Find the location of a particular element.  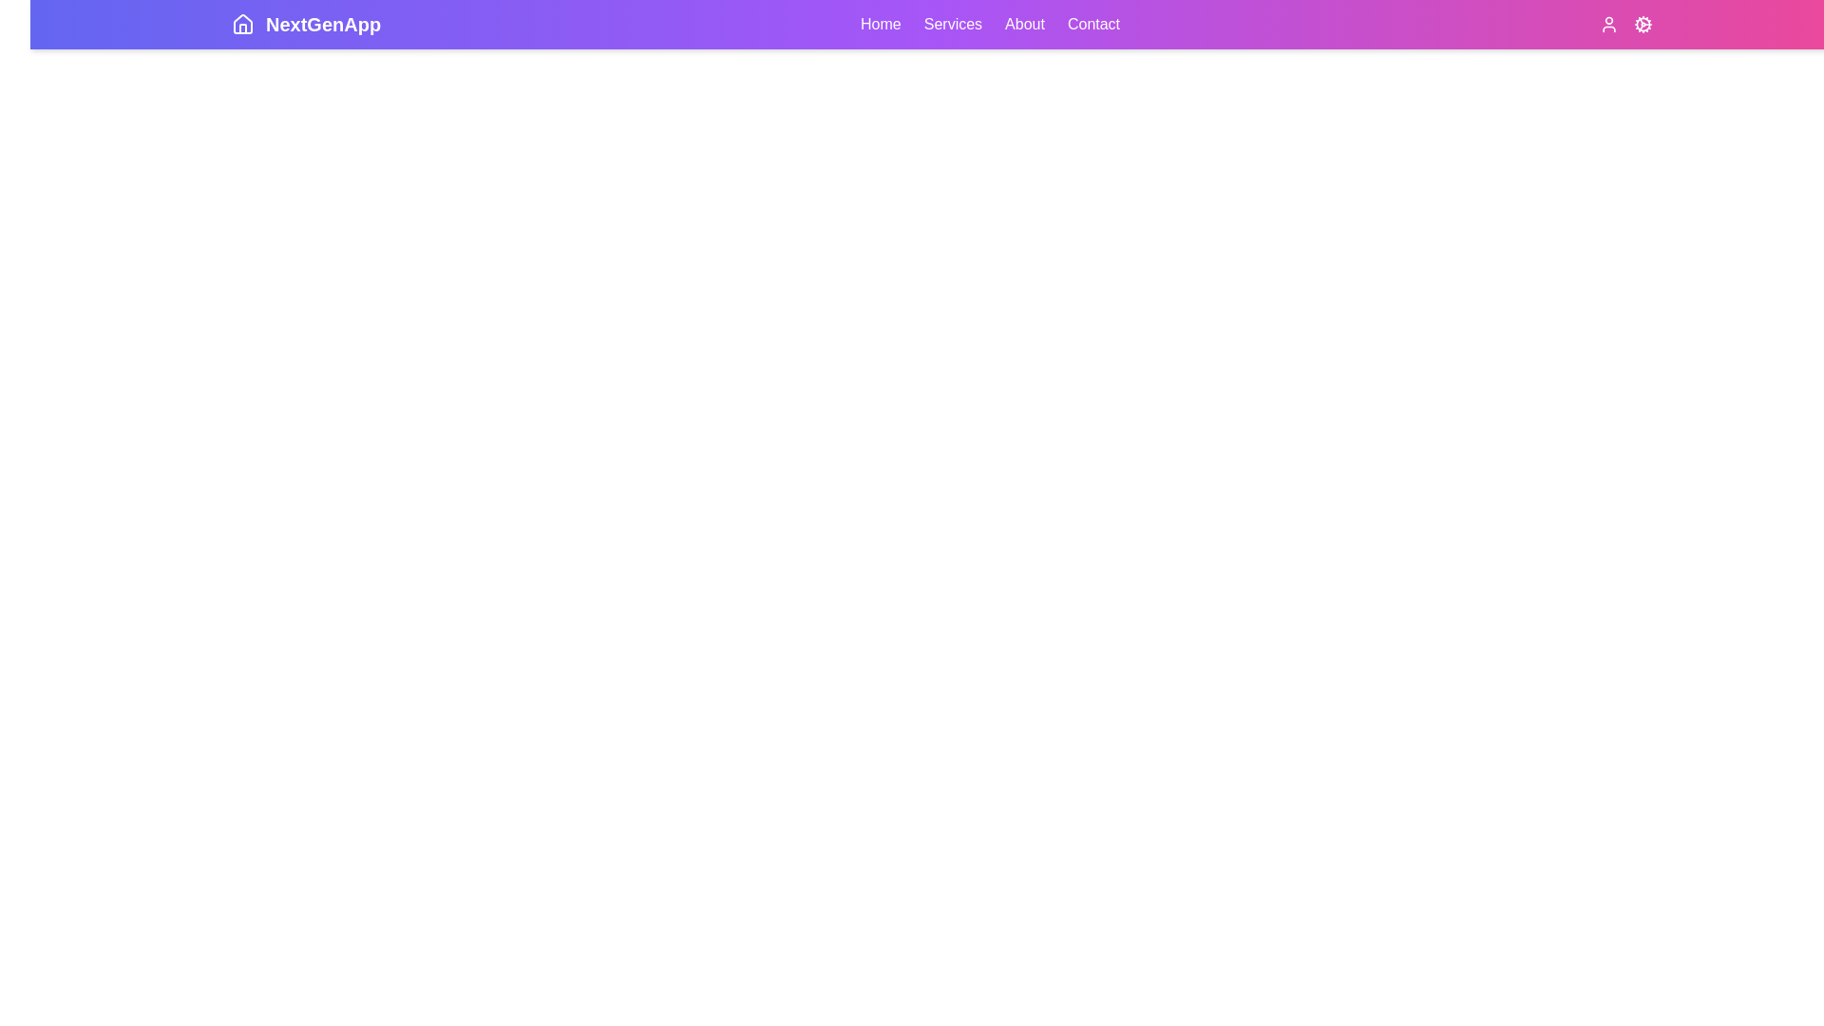

the Contact navigation link is located at coordinates (1093, 25).